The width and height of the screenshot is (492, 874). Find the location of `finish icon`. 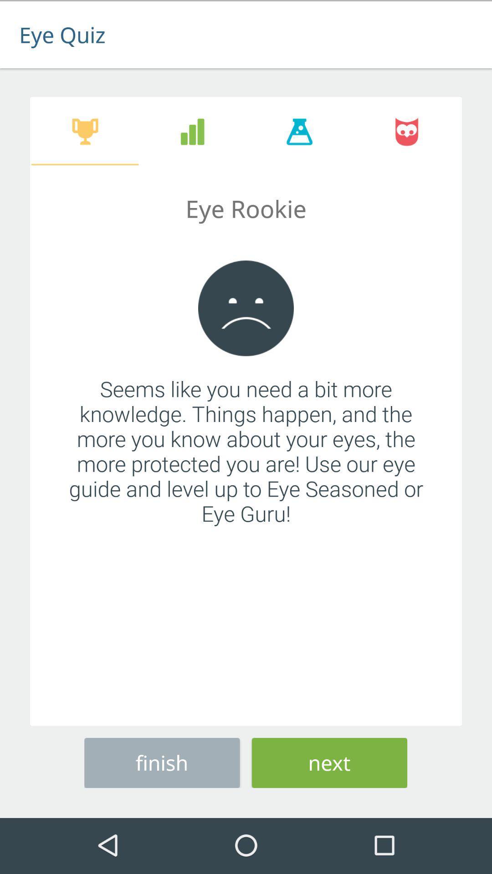

finish icon is located at coordinates (161, 761).